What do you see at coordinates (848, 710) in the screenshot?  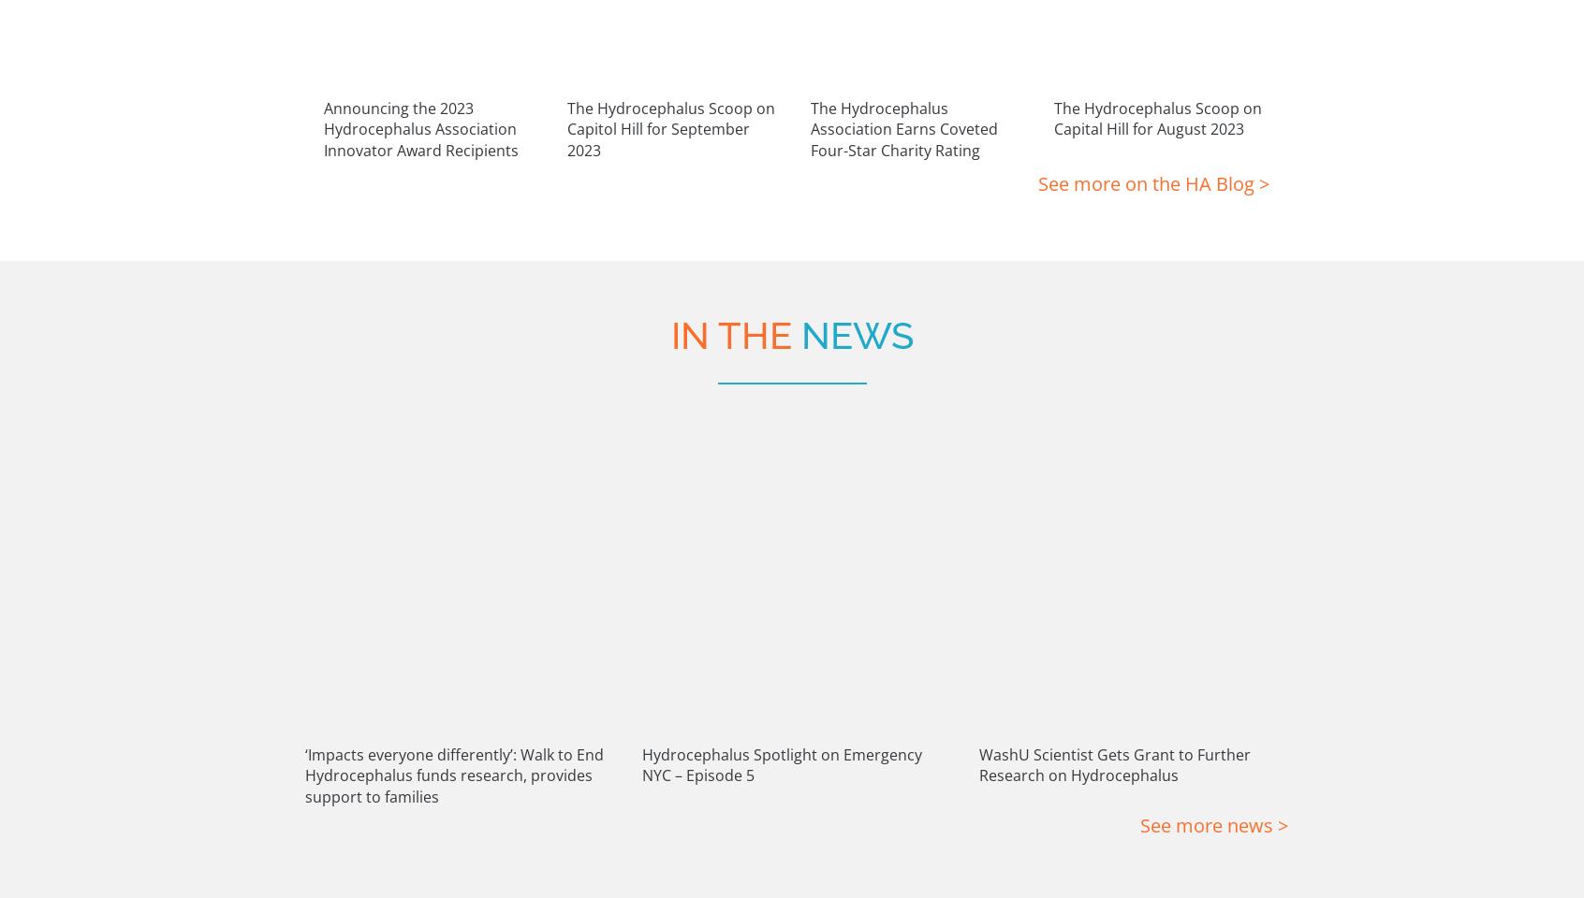 I see `'Donate'` at bounding box center [848, 710].